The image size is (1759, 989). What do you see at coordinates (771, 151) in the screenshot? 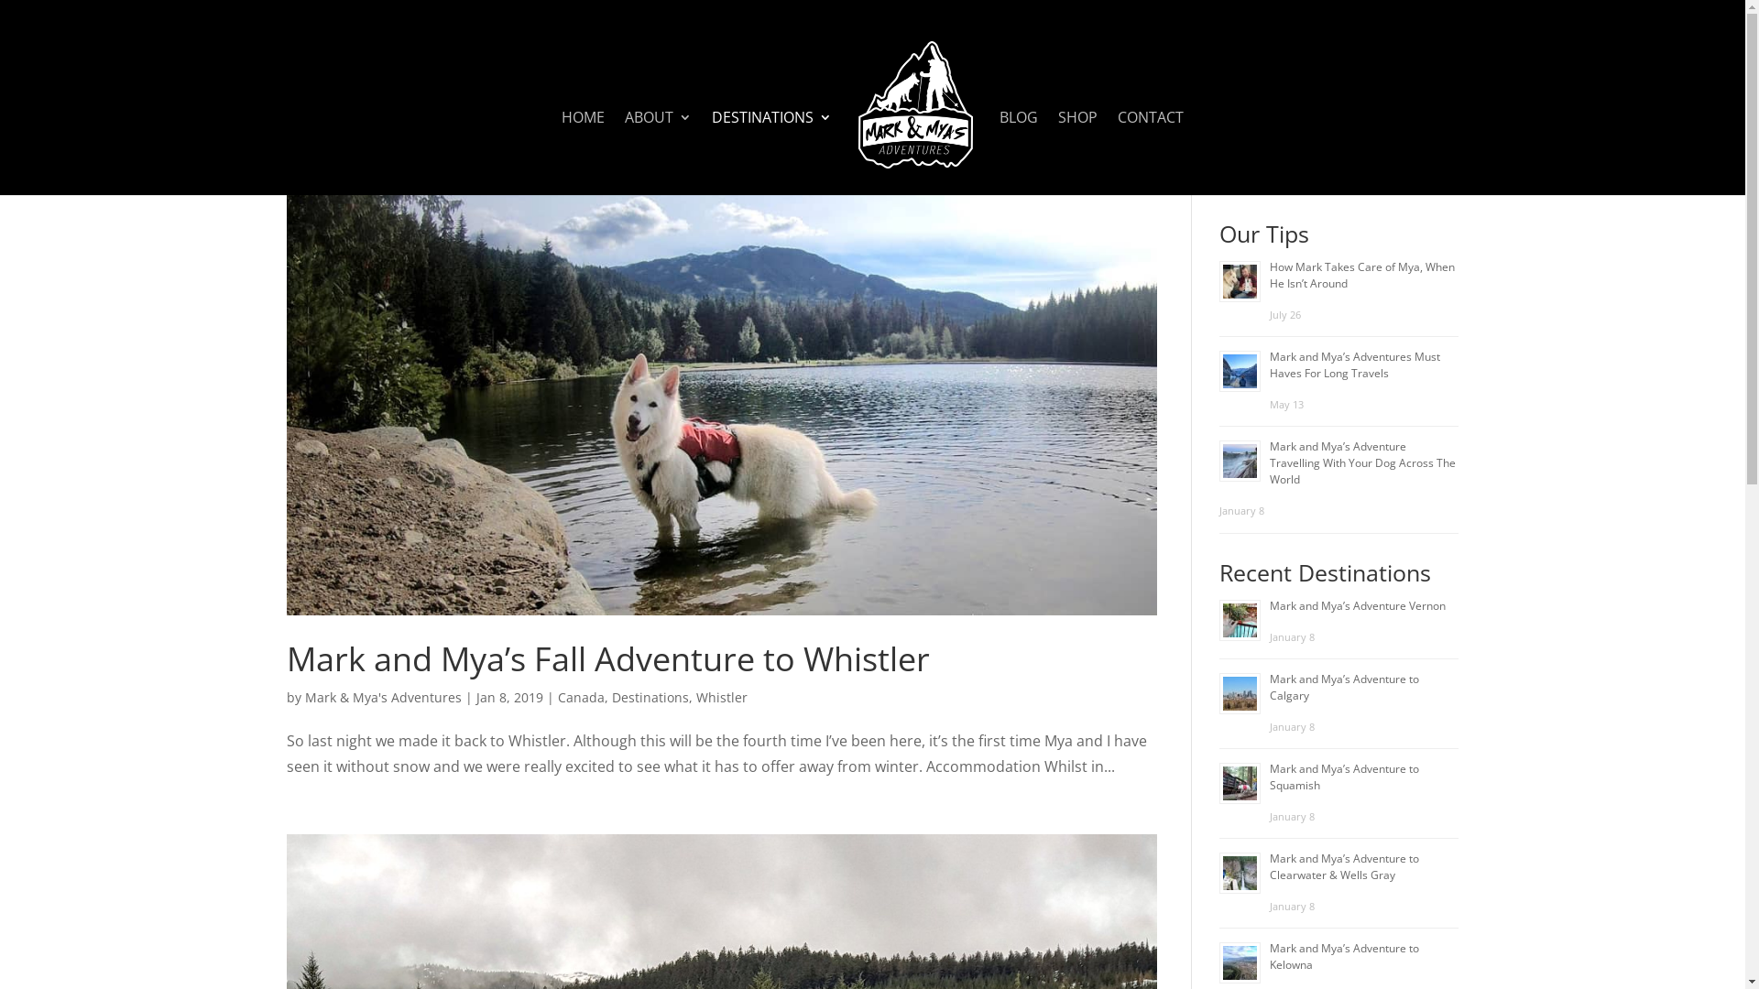
I see `'DESTINATIONS'` at bounding box center [771, 151].